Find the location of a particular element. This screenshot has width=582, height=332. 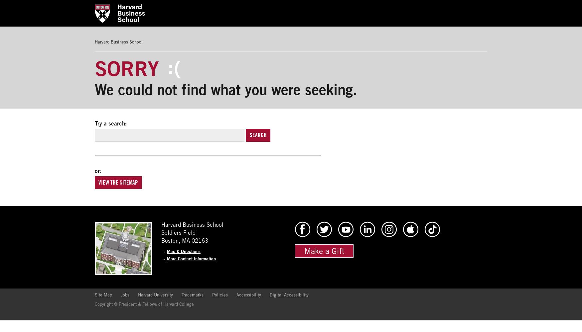

'Try a search:' is located at coordinates (111, 123).